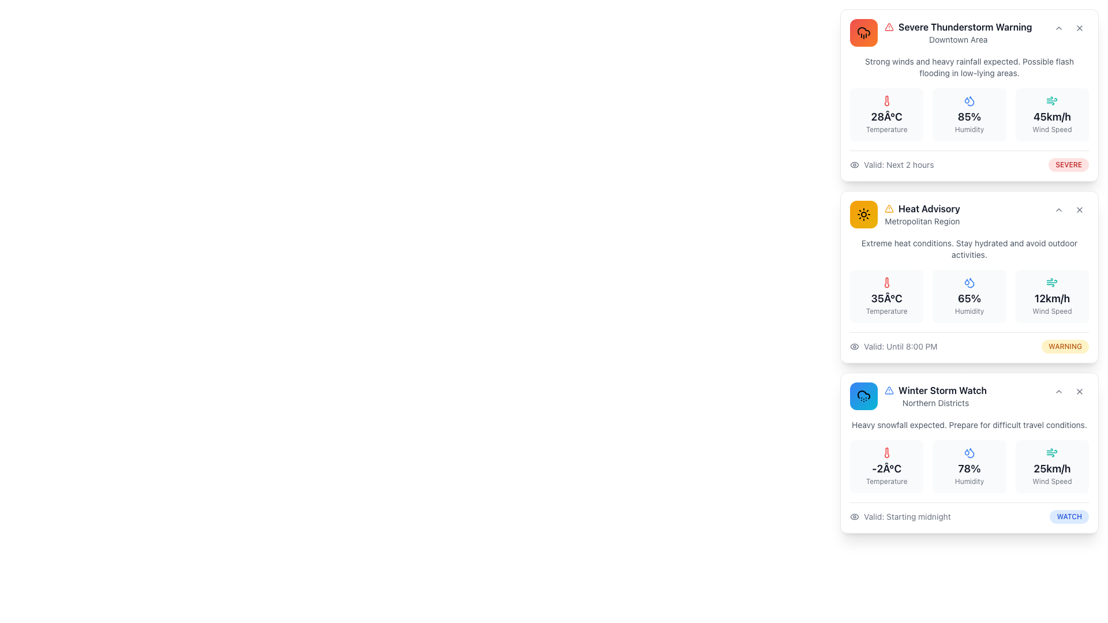 The height and width of the screenshot is (623, 1108). Describe the element at coordinates (969, 295) in the screenshot. I see `the informational card displaying '65%' and 'Humidity'` at that location.